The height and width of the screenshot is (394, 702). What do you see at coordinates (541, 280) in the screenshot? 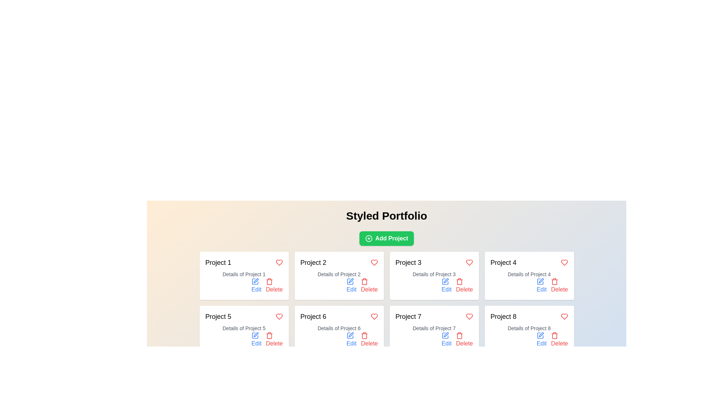
I see `the small pen-shaped icon within the 'Project 4' card to initiate an edit action` at bounding box center [541, 280].